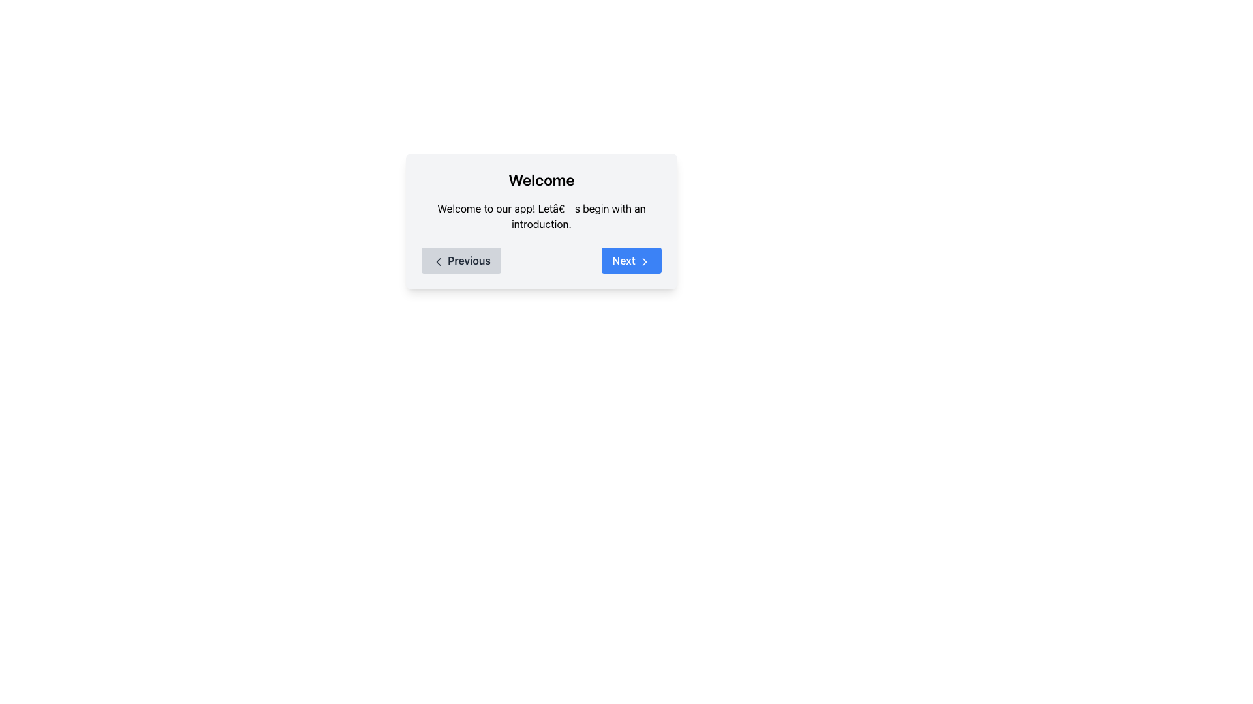 The height and width of the screenshot is (704, 1253). Describe the element at coordinates (644, 261) in the screenshot. I see `the right-facing chevron icon that is colored white and positioned centrally within the blue 'Next' button` at that location.